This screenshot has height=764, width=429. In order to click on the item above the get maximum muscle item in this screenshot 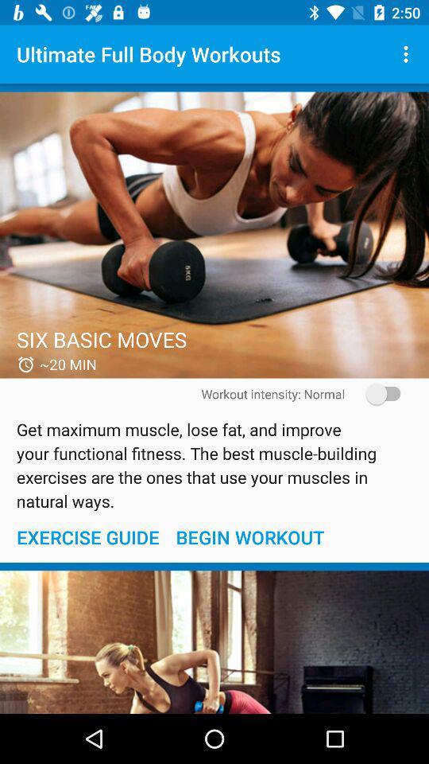, I will do `click(377, 393)`.